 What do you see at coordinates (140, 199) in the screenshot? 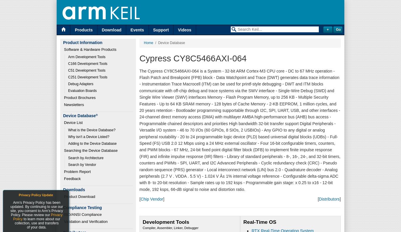
I see `'Chip Vendor'` at bounding box center [140, 199].